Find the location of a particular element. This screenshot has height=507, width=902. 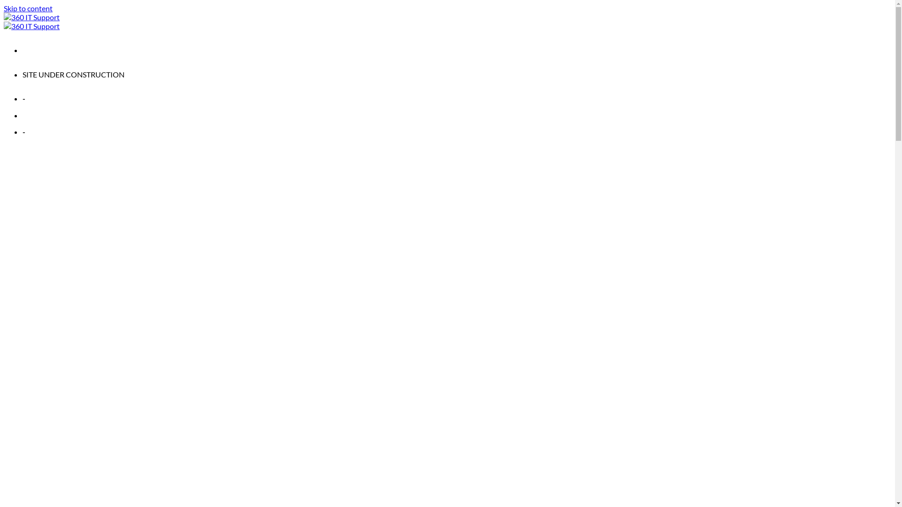

'Skip to content' is located at coordinates (4, 8).